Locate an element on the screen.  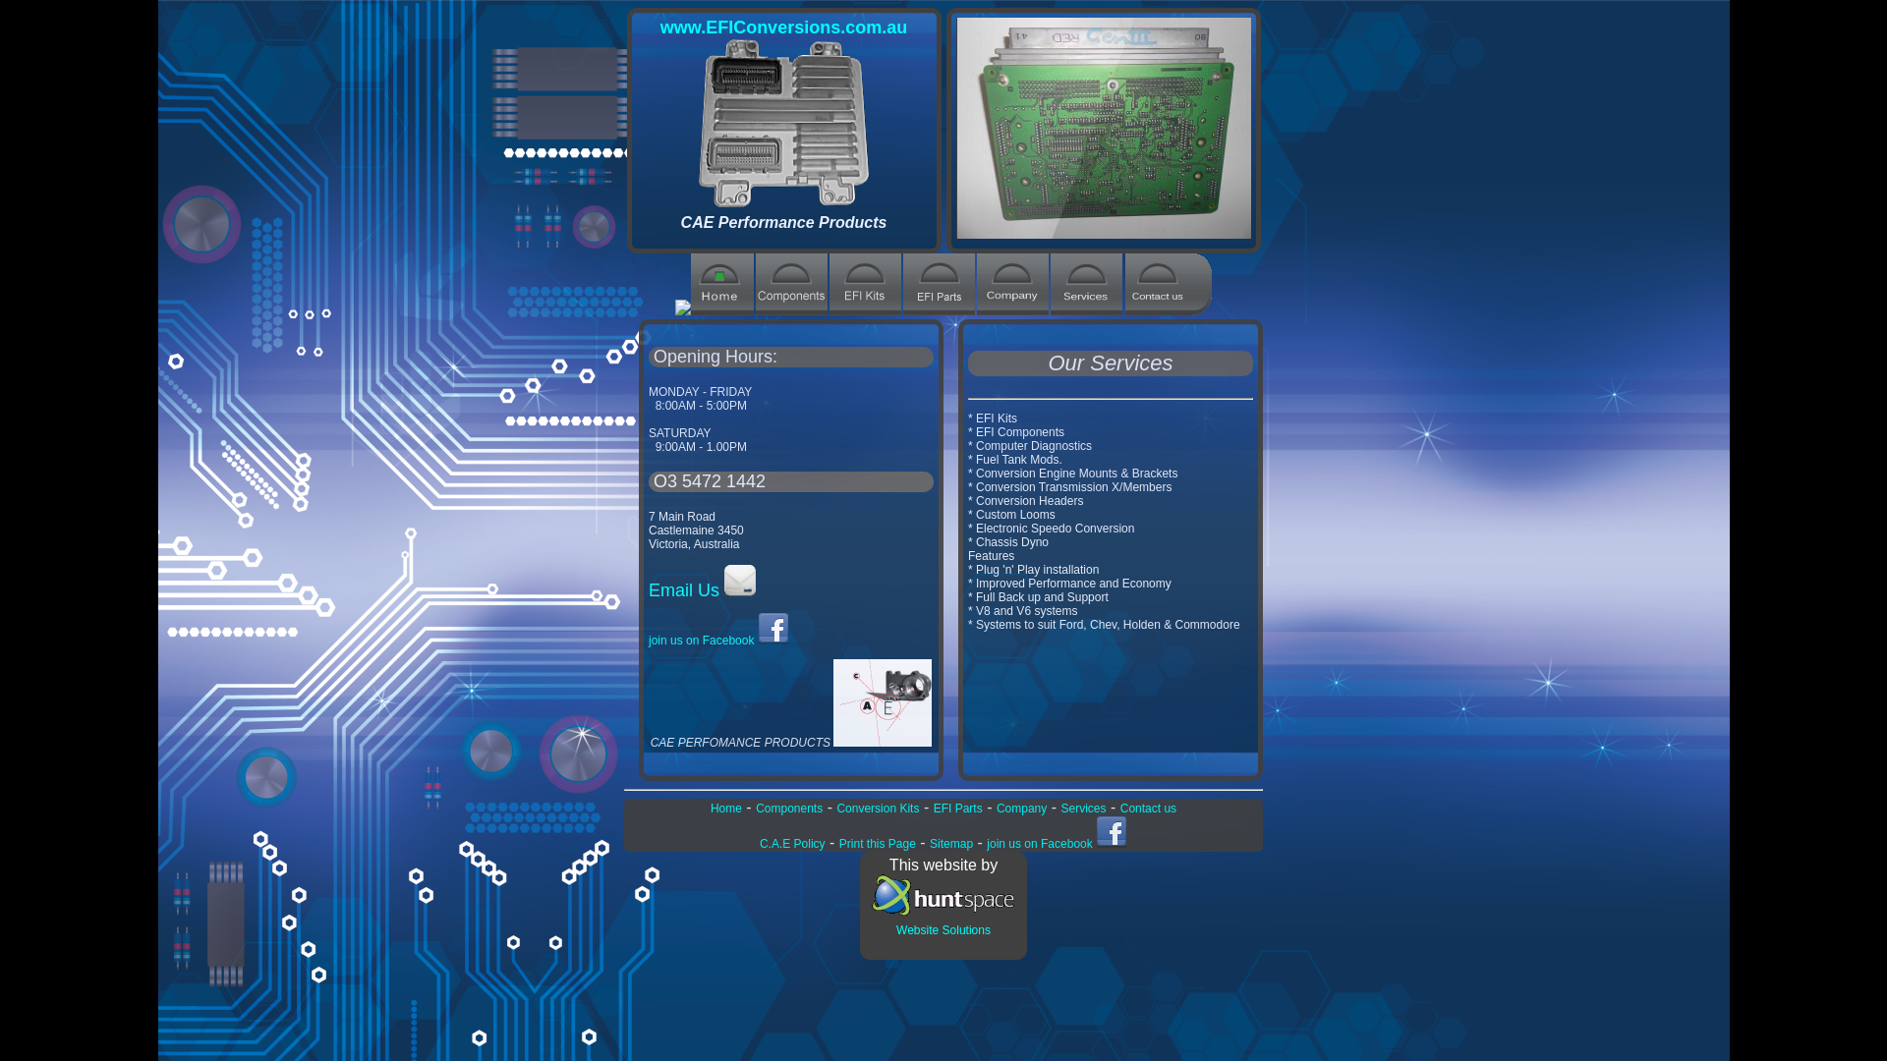
'Components' is located at coordinates (788, 808).